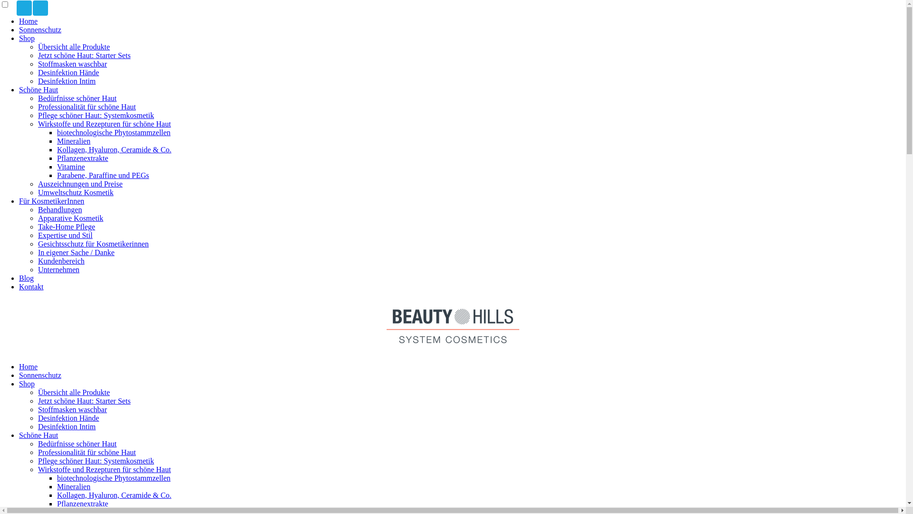  I want to click on 'Auszeichnungen und Preise', so click(80, 184).